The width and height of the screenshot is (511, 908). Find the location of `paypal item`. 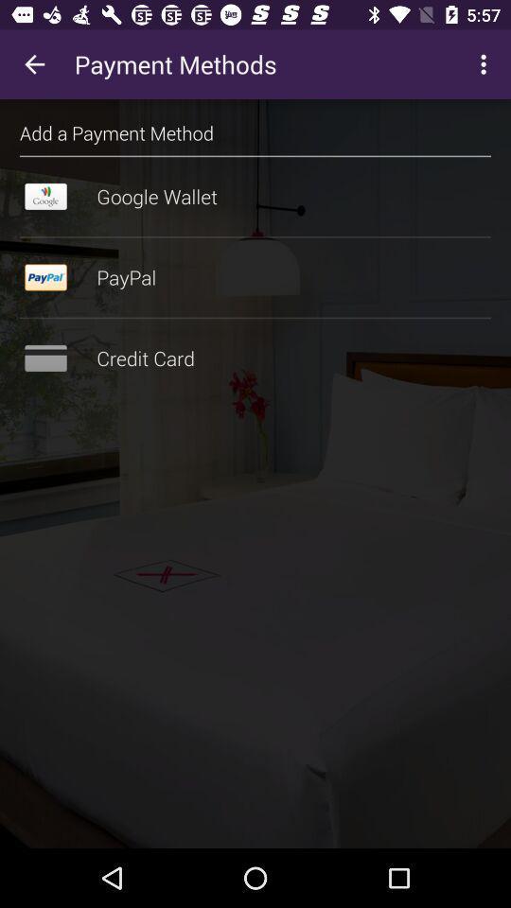

paypal item is located at coordinates (255, 276).